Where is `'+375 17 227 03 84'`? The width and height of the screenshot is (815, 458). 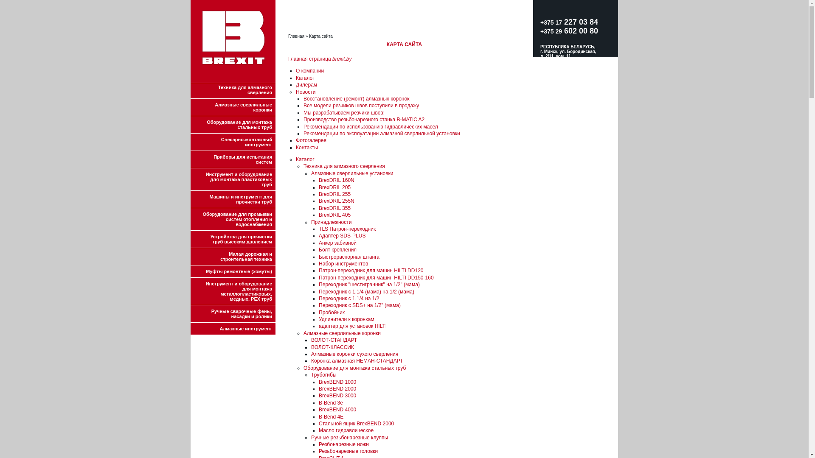 '+375 17 227 03 84' is located at coordinates (569, 26).